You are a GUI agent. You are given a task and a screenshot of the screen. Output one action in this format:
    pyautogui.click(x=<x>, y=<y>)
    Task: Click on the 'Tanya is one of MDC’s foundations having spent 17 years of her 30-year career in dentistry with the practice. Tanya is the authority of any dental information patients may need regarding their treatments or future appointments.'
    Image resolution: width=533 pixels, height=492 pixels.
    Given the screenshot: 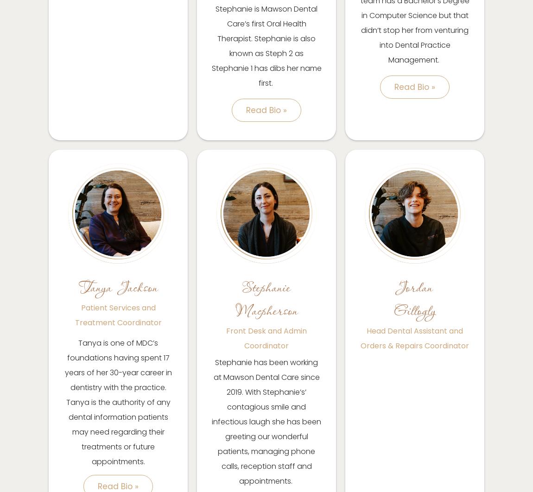 What is the action you would take?
    pyautogui.click(x=117, y=401)
    